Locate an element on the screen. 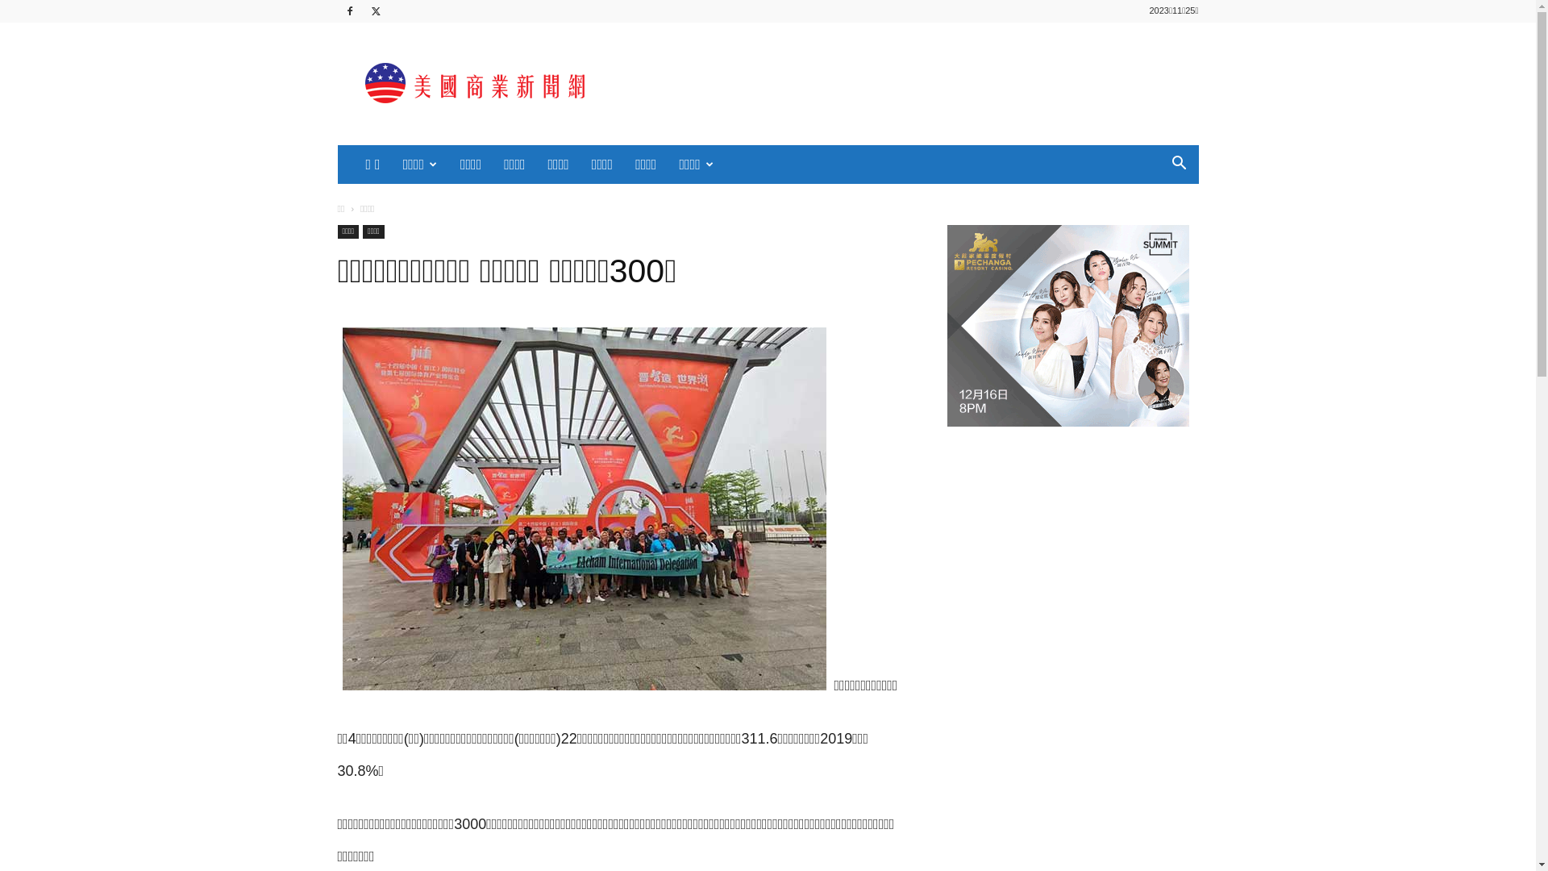 The width and height of the screenshot is (1548, 871). 'Facebook' is located at coordinates (347, 11).